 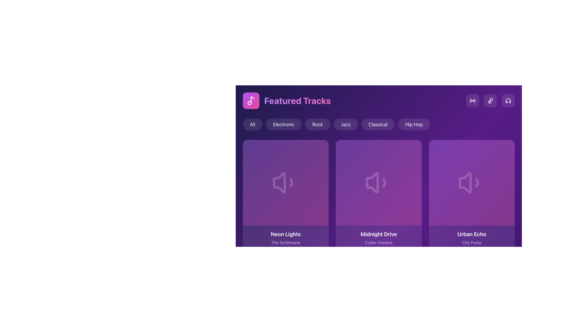 I want to click on the 'All' button, so click(x=252, y=124).